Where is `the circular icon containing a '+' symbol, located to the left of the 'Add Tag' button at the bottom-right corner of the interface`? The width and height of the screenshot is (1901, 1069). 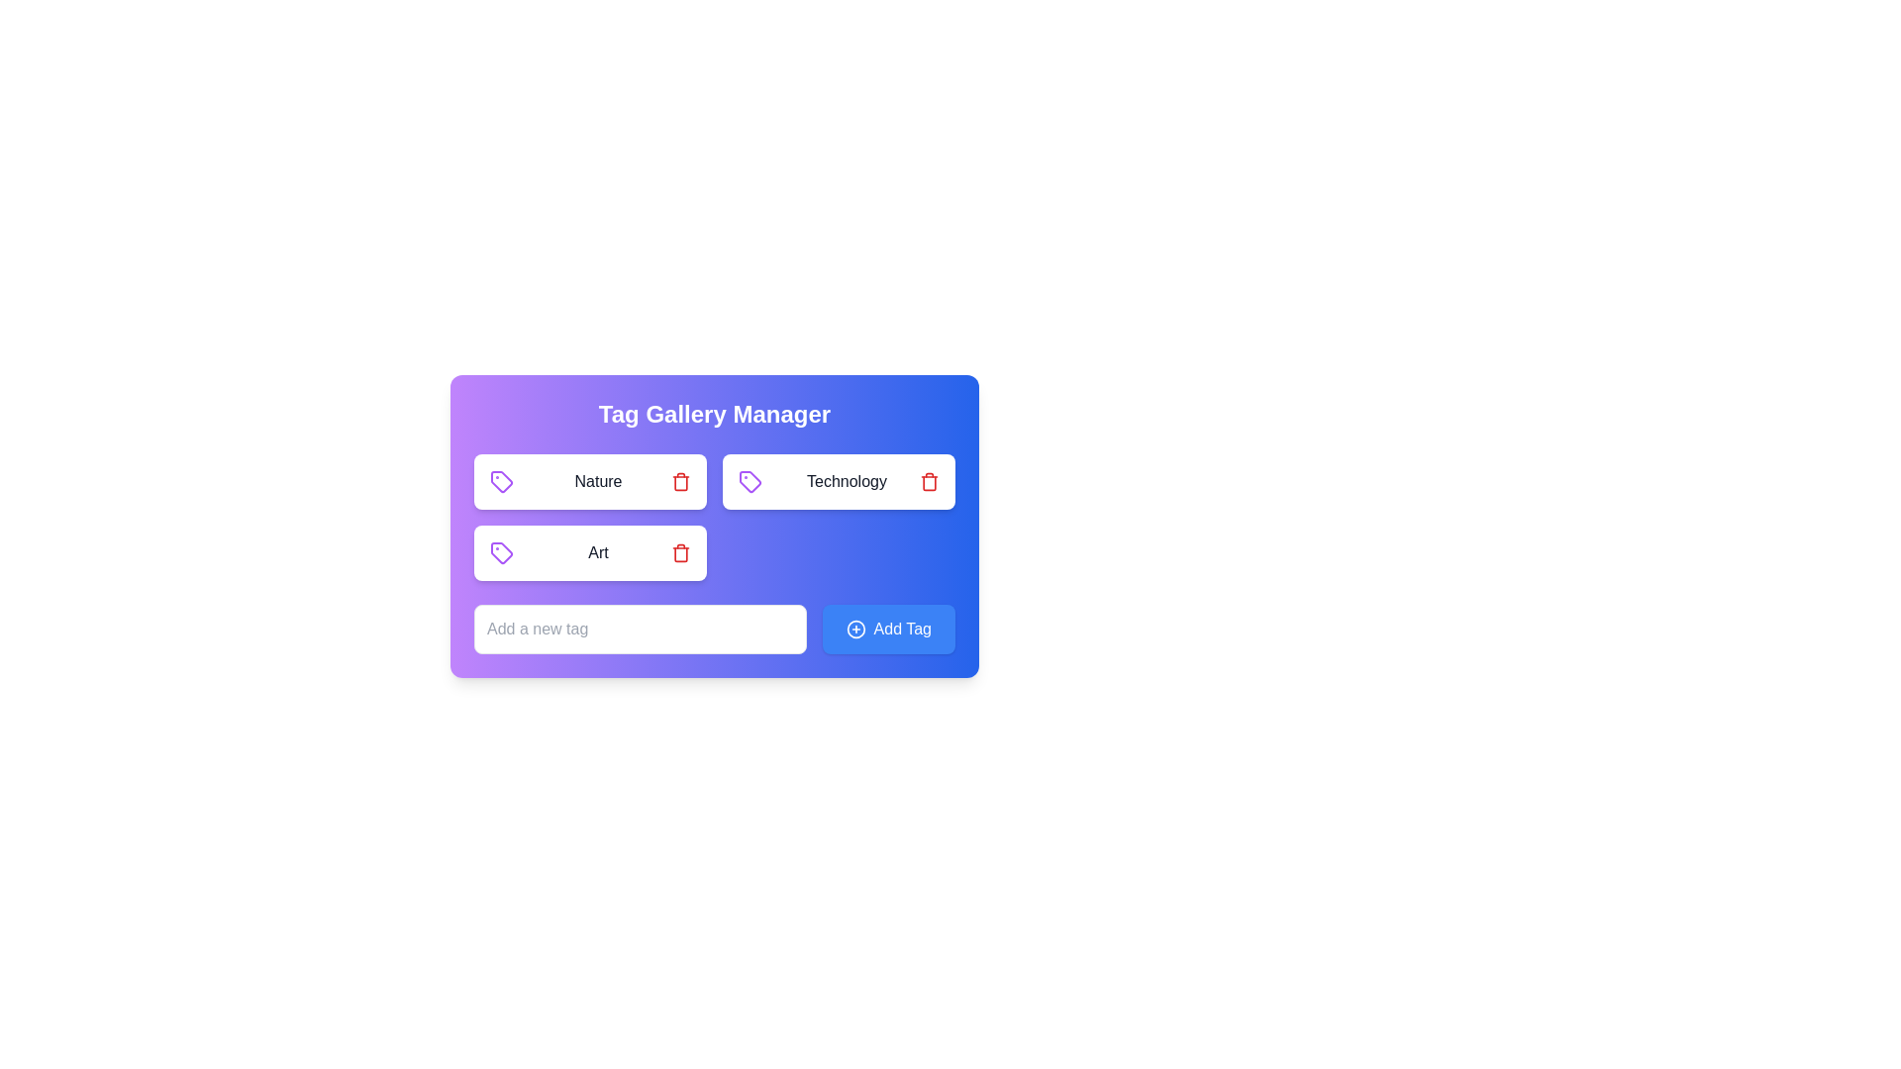
the circular icon containing a '+' symbol, located to the left of the 'Add Tag' button at the bottom-right corner of the interface is located at coordinates (855, 630).